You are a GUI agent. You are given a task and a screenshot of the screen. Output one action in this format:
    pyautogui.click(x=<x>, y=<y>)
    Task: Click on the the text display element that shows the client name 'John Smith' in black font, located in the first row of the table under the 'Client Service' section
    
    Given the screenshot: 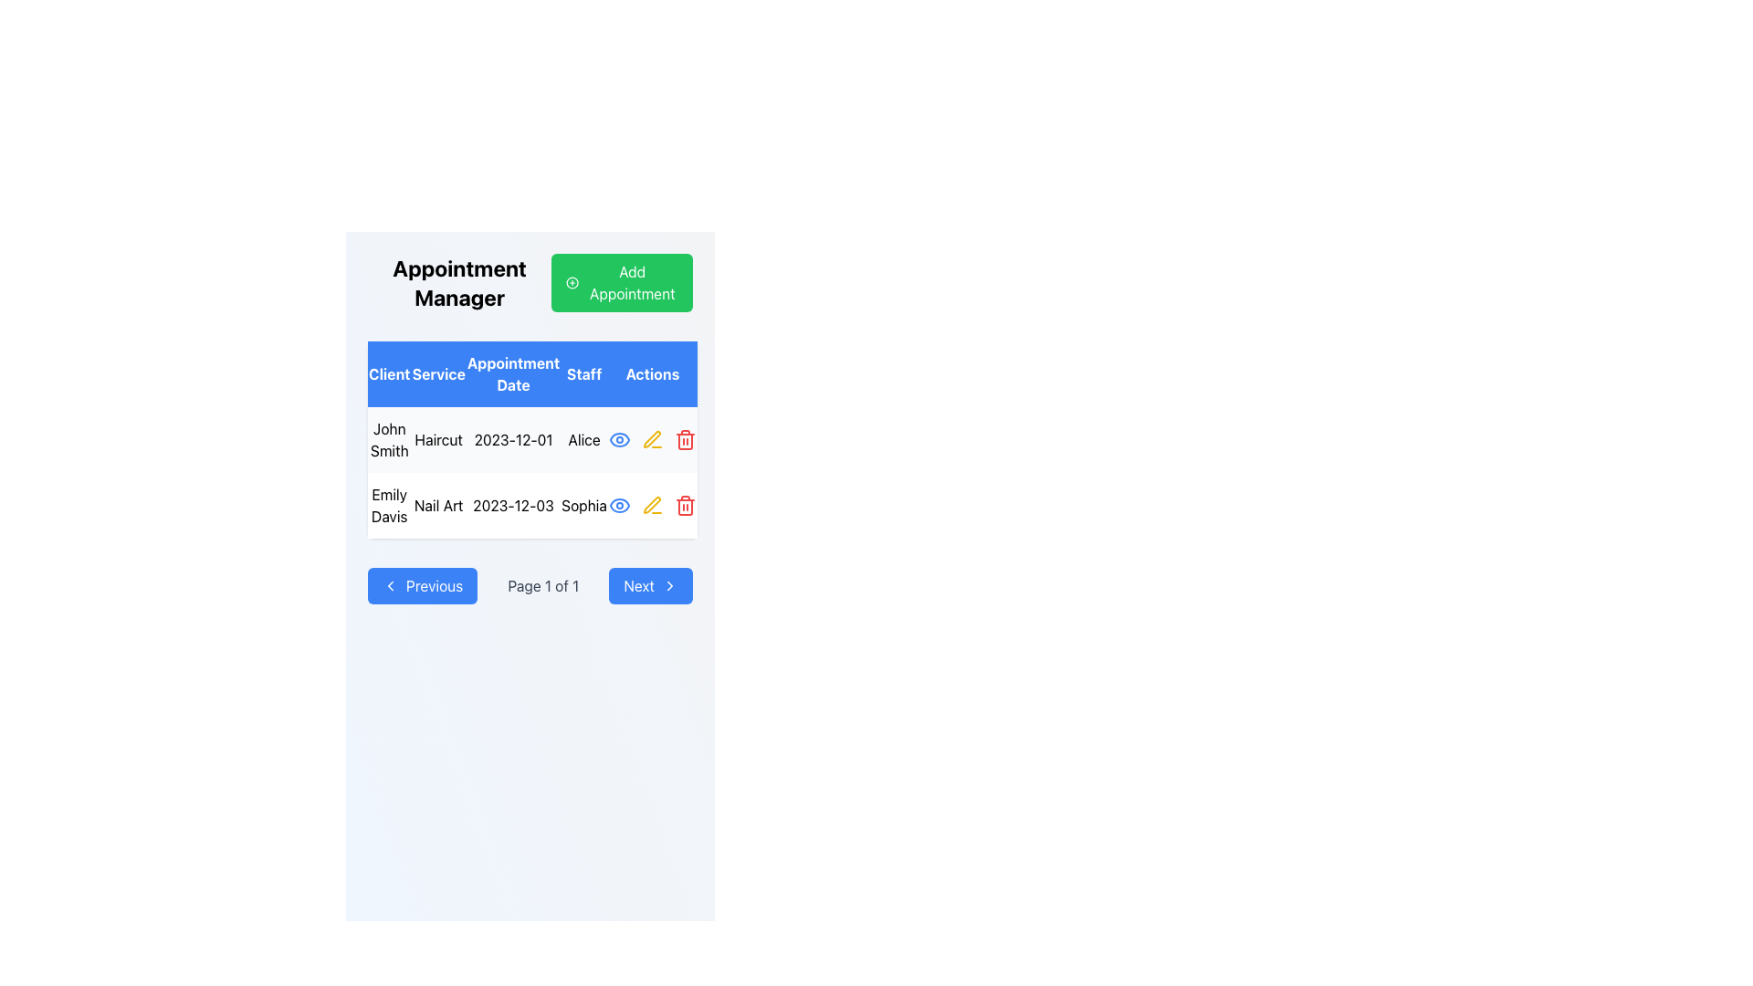 What is the action you would take?
    pyautogui.click(x=388, y=440)
    